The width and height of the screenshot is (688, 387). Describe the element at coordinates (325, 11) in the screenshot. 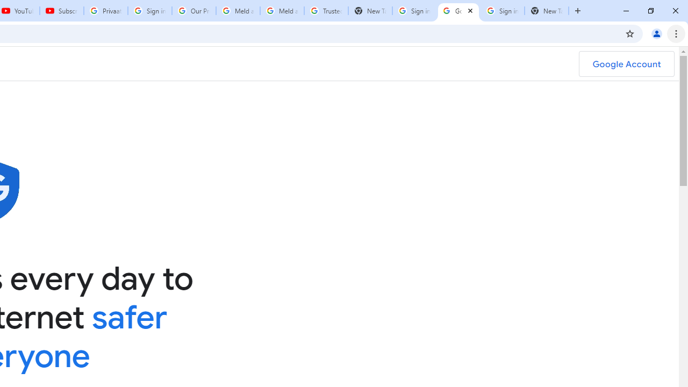

I see `'Trusted Information and Content - Google Safety Center'` at that location.